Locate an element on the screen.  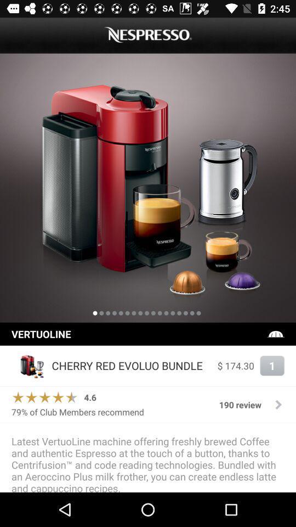
the 4.6 icon is located at coordinates (89, 396).